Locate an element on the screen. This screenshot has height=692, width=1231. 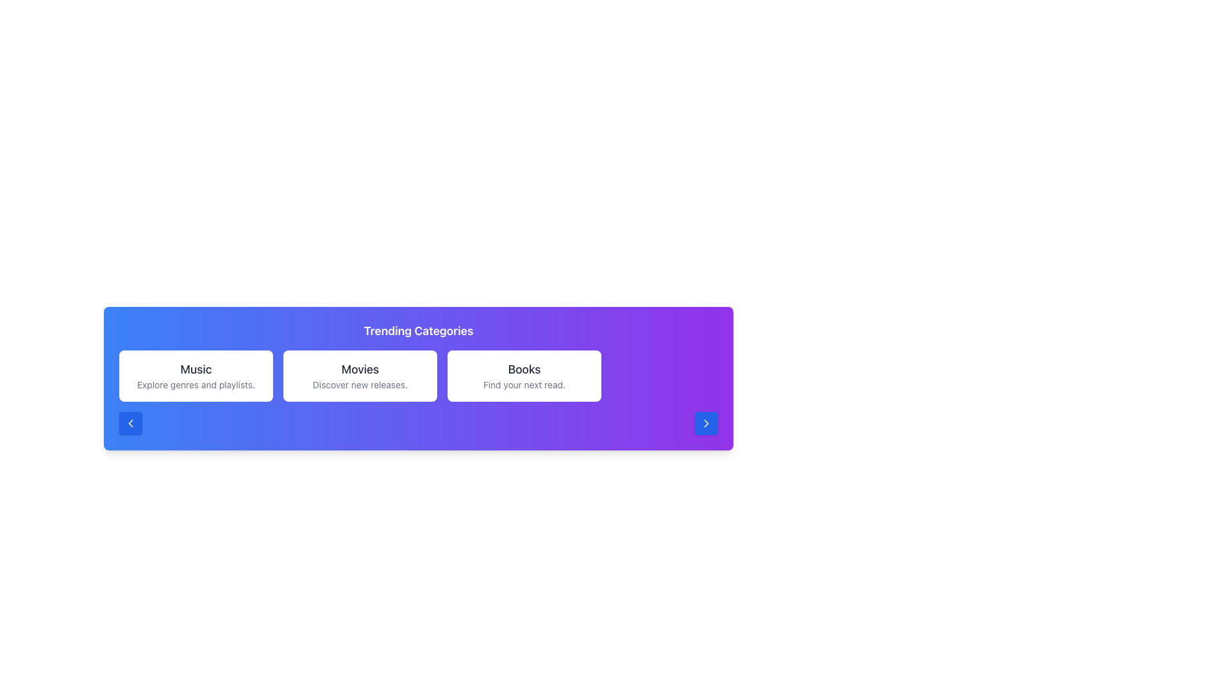
the static text label that reads 'Find your next read', which is styled with a small font size and light gray color, located beneath the 'Books' label on the third card in a horizontally arranged series of cards is located at coordinates (524, 384).